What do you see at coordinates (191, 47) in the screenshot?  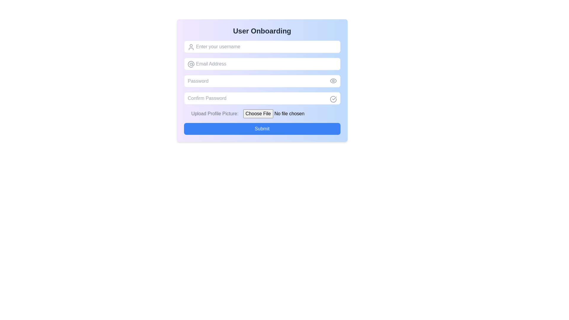 I see `the decorative icon indicating the username input field in the user onboarding form, located at the left side of the username input box` at bounding box center [191, 47].